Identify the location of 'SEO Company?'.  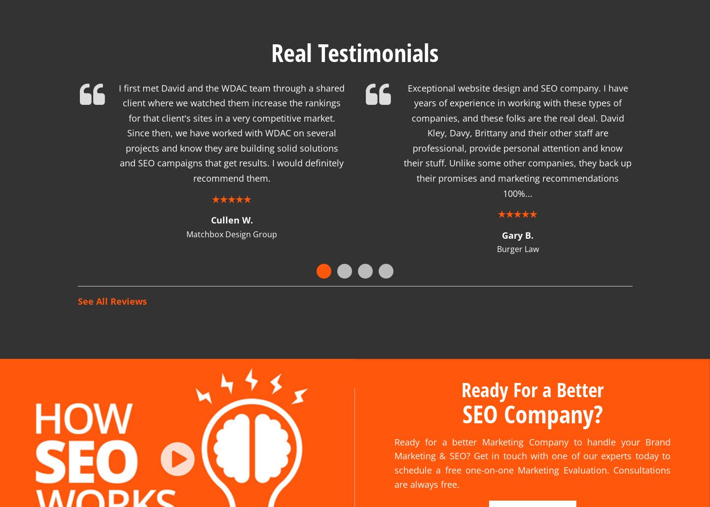
(532, 401).